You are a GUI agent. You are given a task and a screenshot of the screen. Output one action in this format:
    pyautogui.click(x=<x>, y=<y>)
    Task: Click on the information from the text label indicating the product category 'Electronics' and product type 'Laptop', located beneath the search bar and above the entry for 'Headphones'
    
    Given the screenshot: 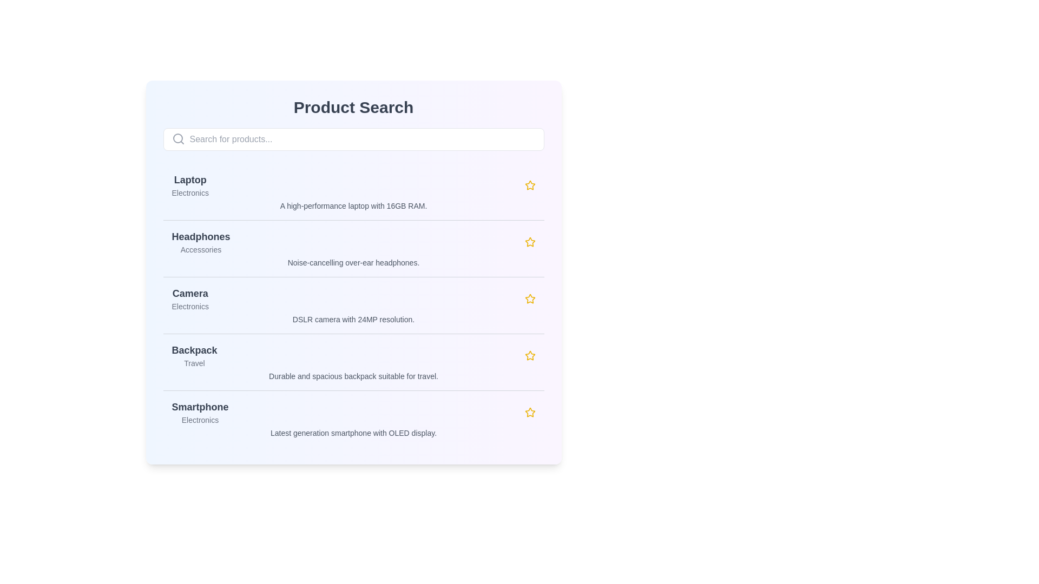 What is the action you would take?
    pyautogui.click(x=190, y=185)
    